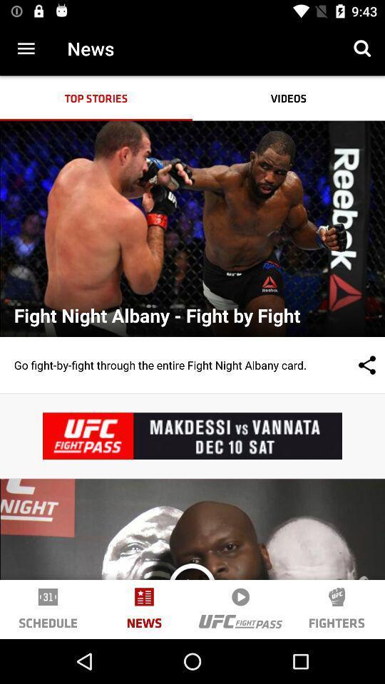 The width and height of the screenshot is (385, 684). Describe the element at coordinates (352, 364) in the screenshot. I see `share this` at that location.